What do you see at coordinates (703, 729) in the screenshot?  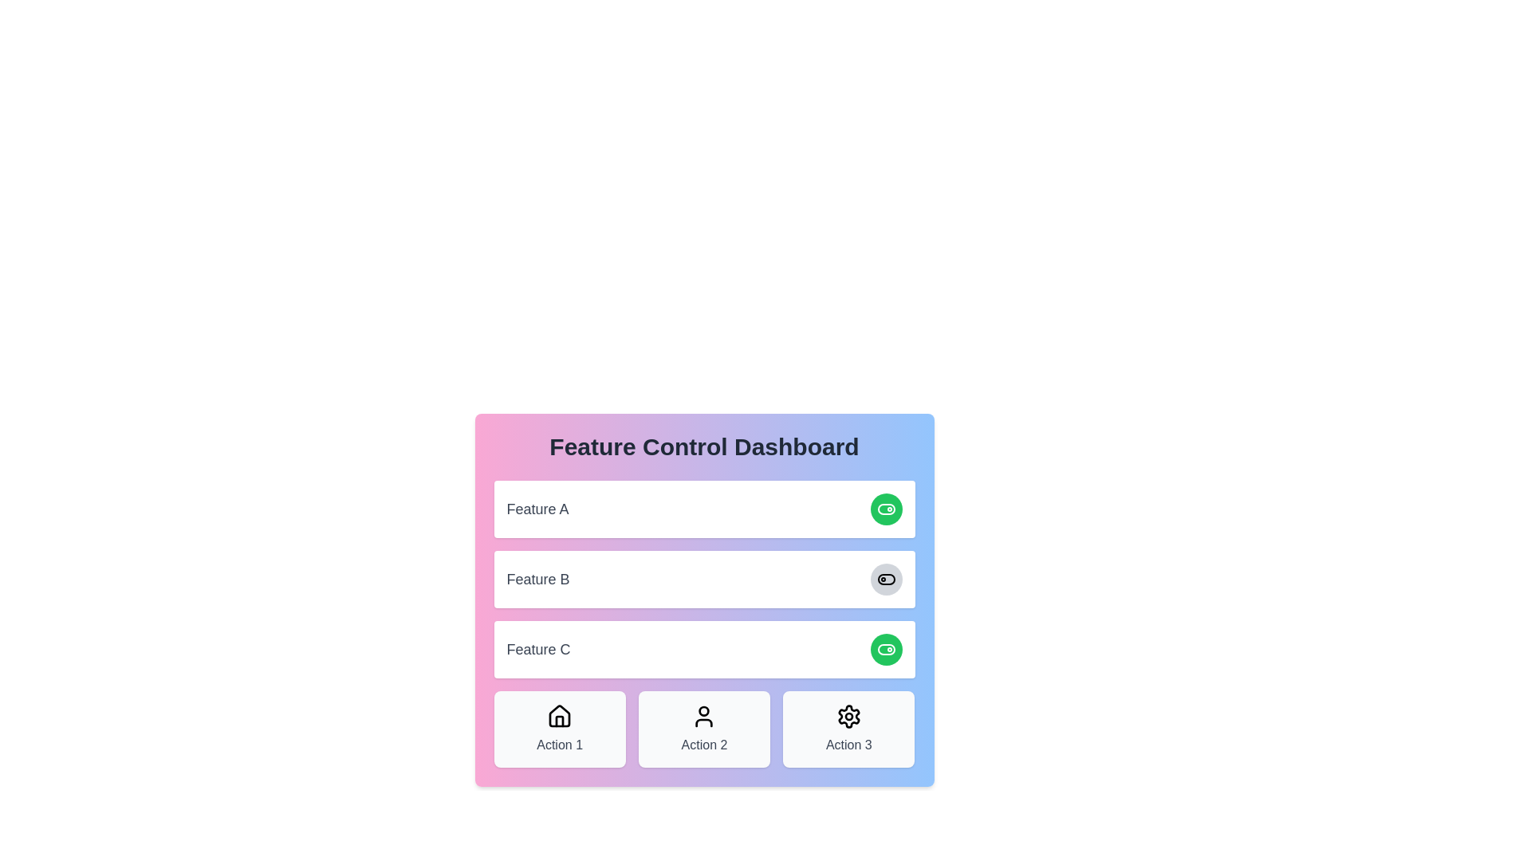 I see `the button labeled 'Action 2', which is a rectangular element with a white background, rounded corners, and a shadow effect, positioned in the second column of a three-column grid at the bottom of the interface` at bounding box center [703, 729].